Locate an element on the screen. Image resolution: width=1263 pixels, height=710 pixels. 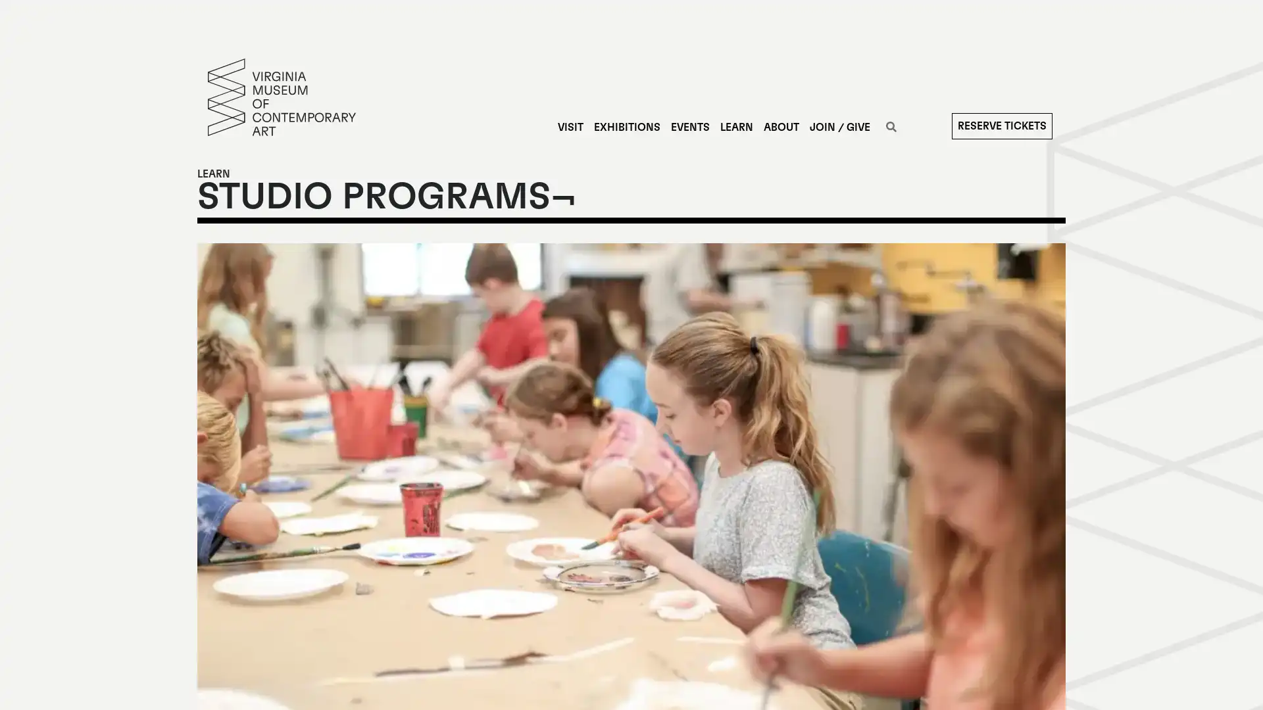
EVENTS is located at coordinates (689, 127).